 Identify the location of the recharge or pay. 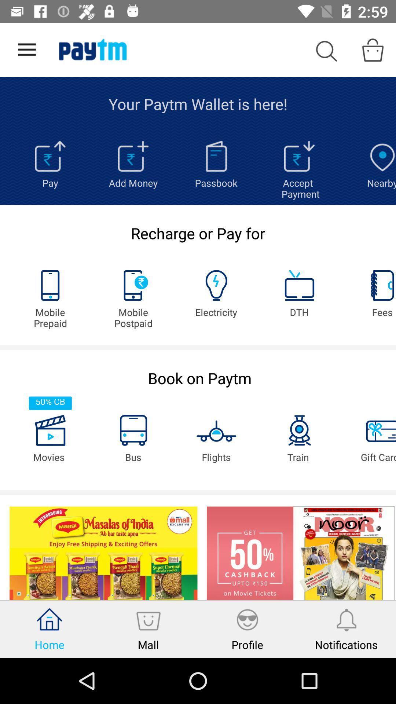
(198, 232).